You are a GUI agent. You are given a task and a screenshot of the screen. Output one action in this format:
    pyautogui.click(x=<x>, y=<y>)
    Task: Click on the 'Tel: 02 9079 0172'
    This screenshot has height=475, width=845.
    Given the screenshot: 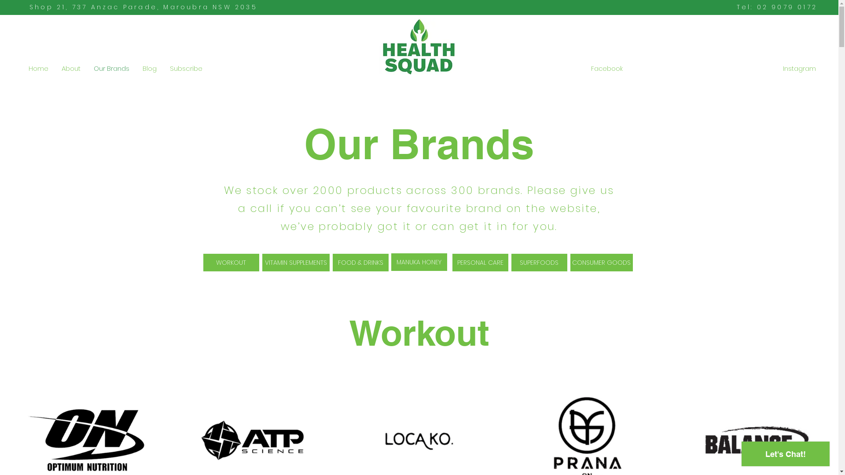 What is the action you would take?
    pyautogui.click(x=777, y=7)
    